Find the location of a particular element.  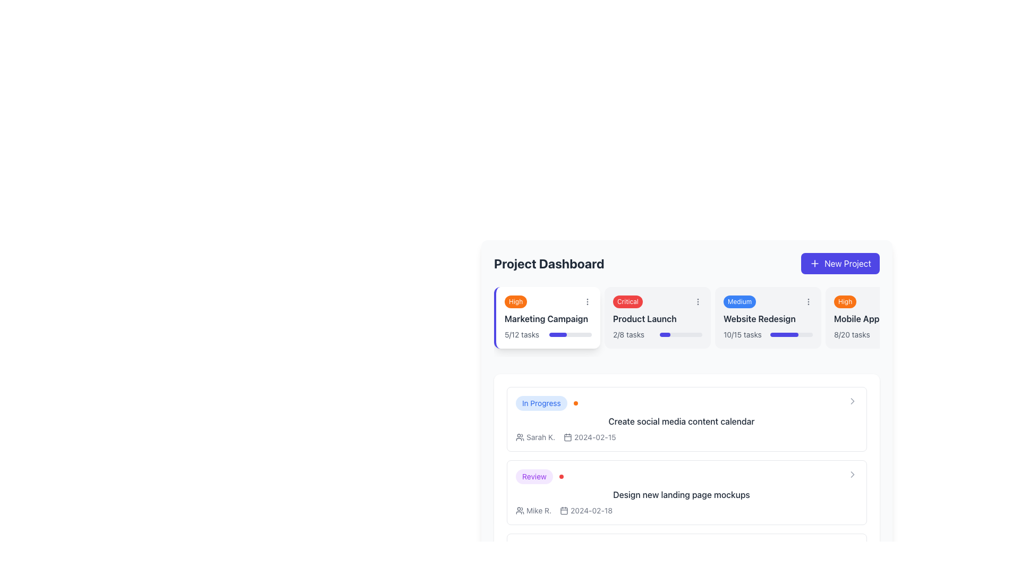

the text content of the contributor's label icon located at the beginning of the 'In Progress' card row, preceding the date '2024-02-15' is located at coordinates (535, 437).